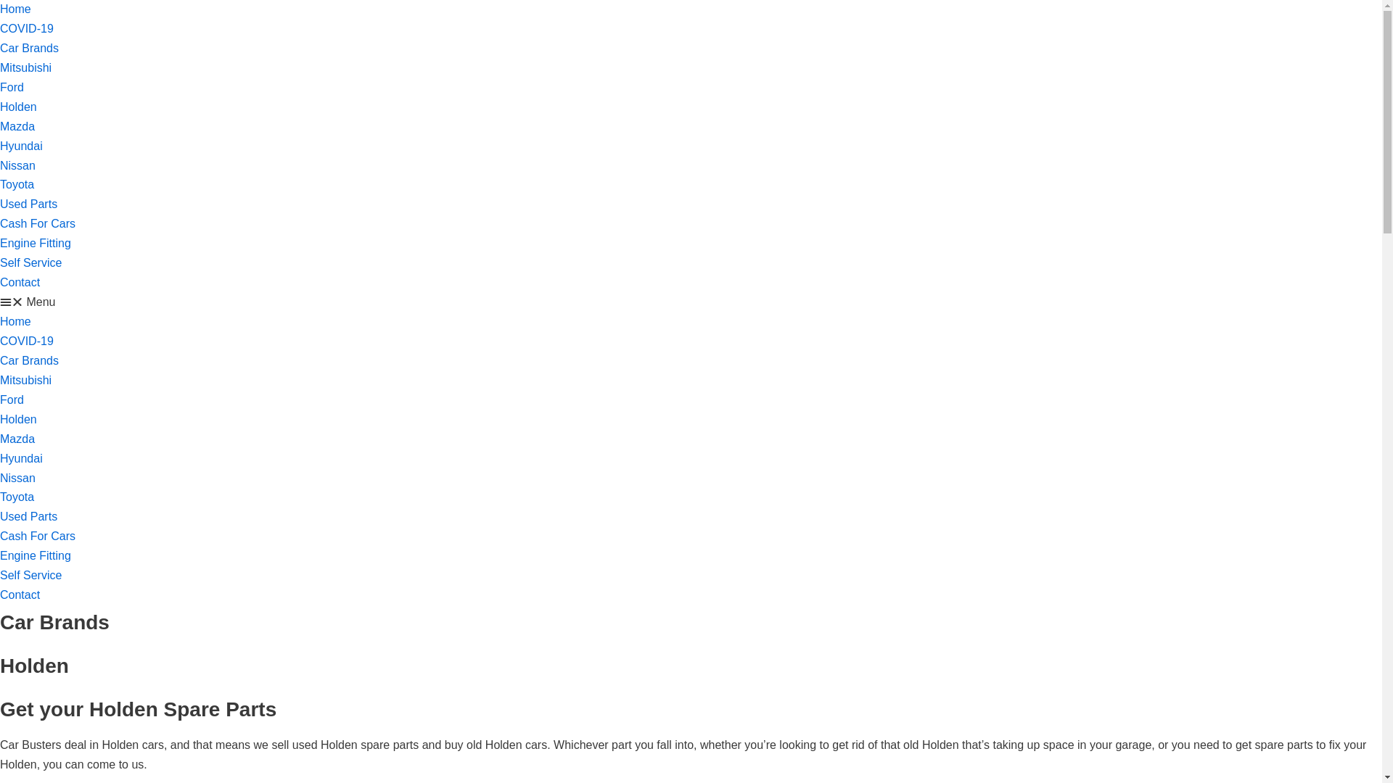 This screenshot has height=783, width=1393. I want to click on 'Holden', so click(18, 106).